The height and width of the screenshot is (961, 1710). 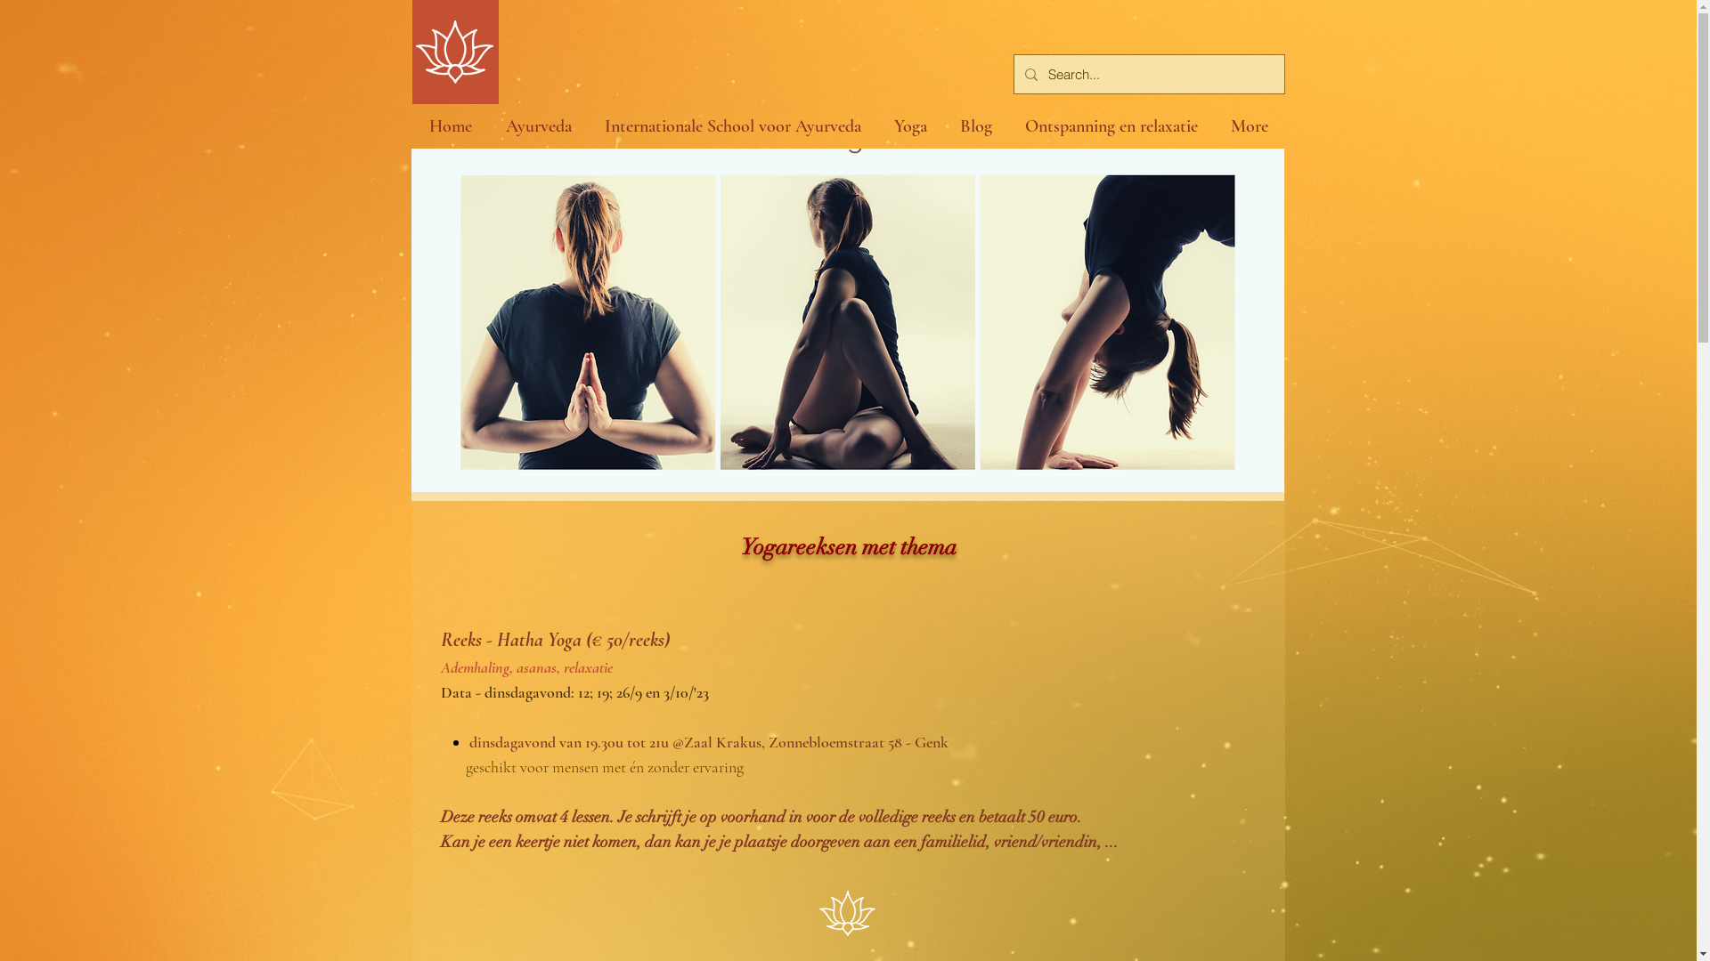 What do you see at coordinates (846, 319) in the screenshot?
I see `'Yoga Class for all Ages'` at bounding box center [846, 319].